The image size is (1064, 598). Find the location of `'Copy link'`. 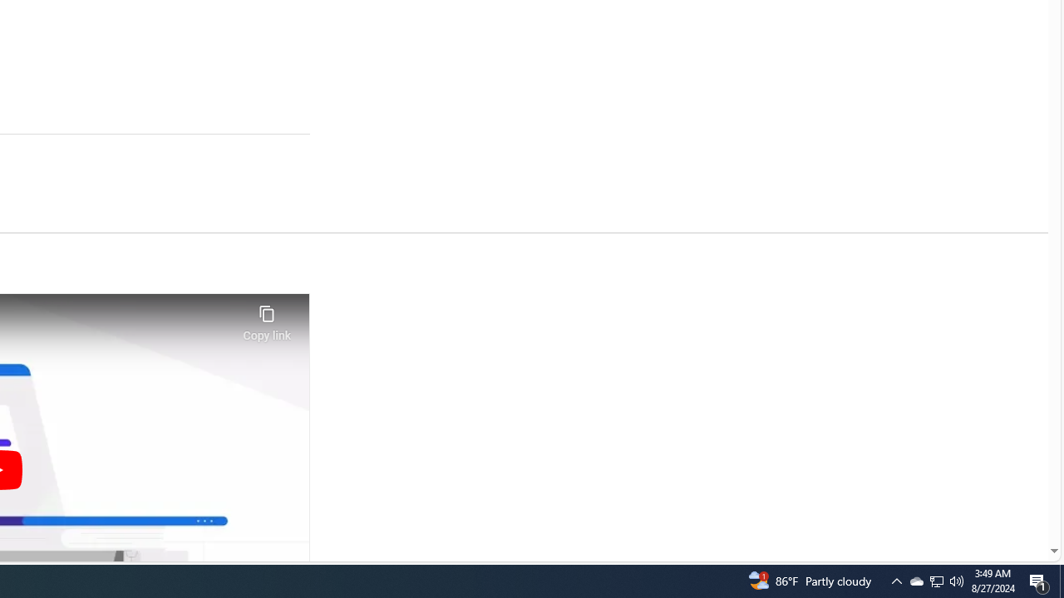

'Copy link' is located at coordinates (266, 318).